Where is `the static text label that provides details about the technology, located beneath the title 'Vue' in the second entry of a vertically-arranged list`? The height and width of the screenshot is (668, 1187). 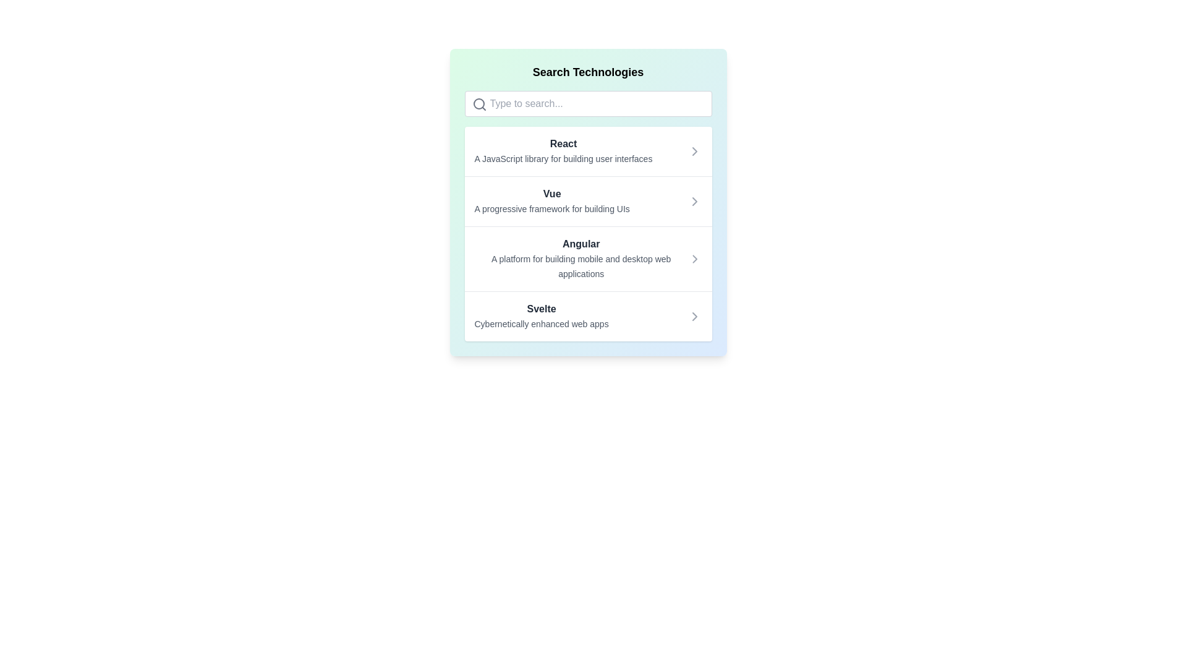
the static text label that provides details about the technology, located beneath the title 'Vue' in the second entry of a vertically-arranged list is located at coordinates (551, 208).